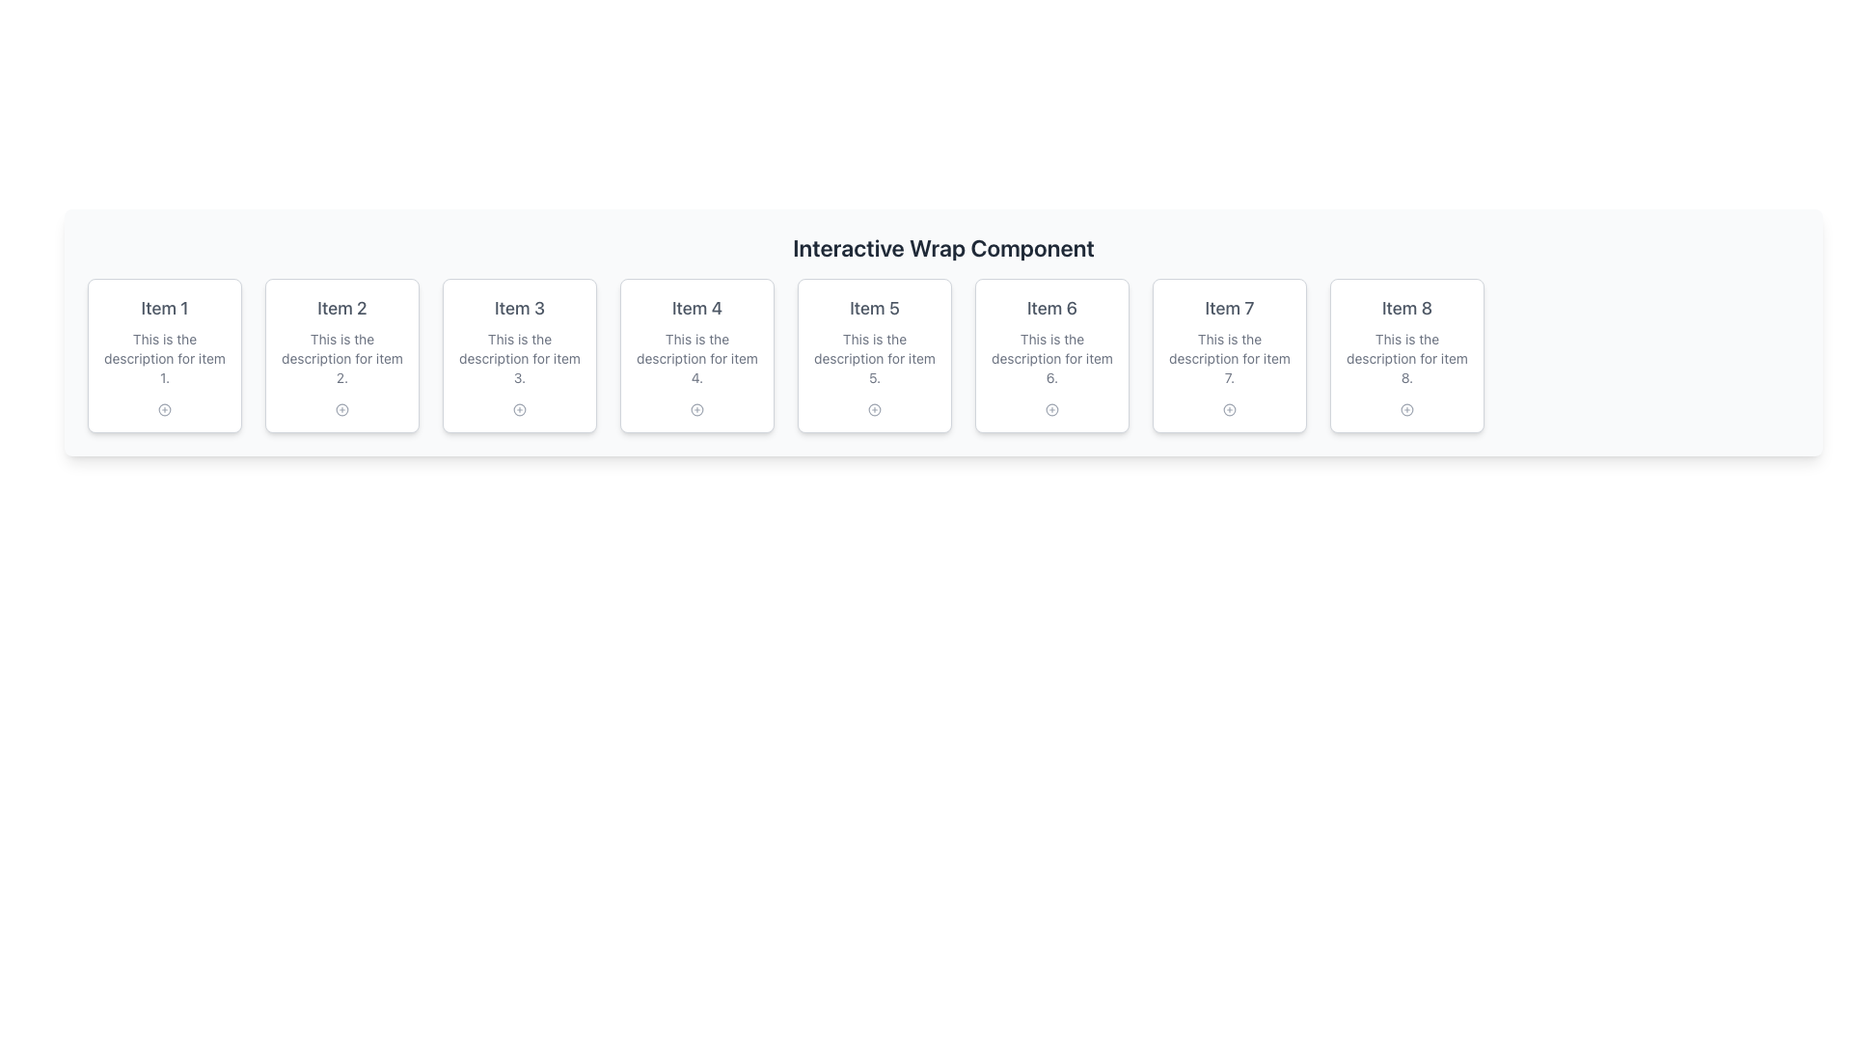  I want to click on the action button icon located at the bottom section of the 'Item 1' card, so click(165, 408).